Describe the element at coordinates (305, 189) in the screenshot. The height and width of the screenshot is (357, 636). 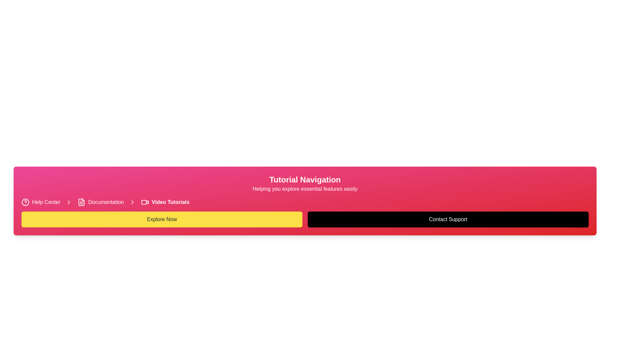
I see `the static text that provides a supportive subtitle for the 'Tutorial Navigation' section, located directly below the title and centered within the banner-like section` at that location.